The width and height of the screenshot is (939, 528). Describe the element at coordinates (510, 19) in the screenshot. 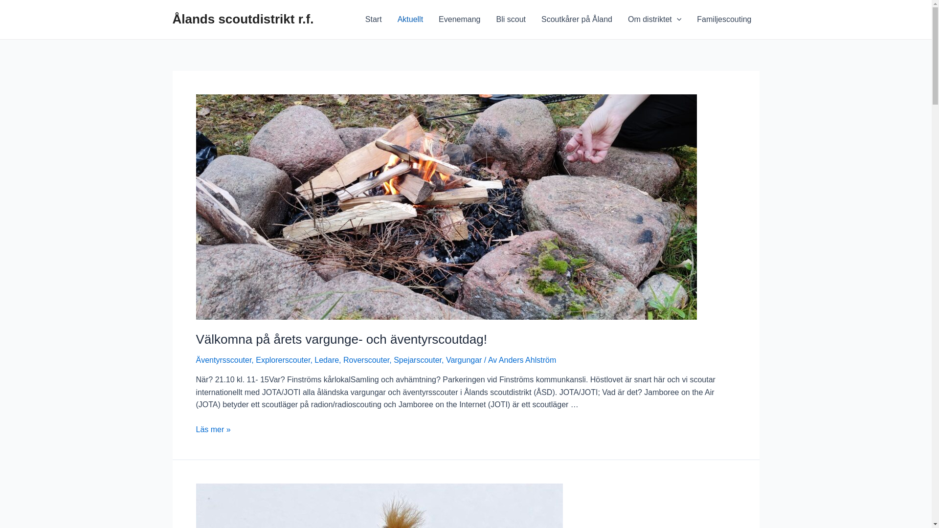

I see `'Bli scout'` at that location.